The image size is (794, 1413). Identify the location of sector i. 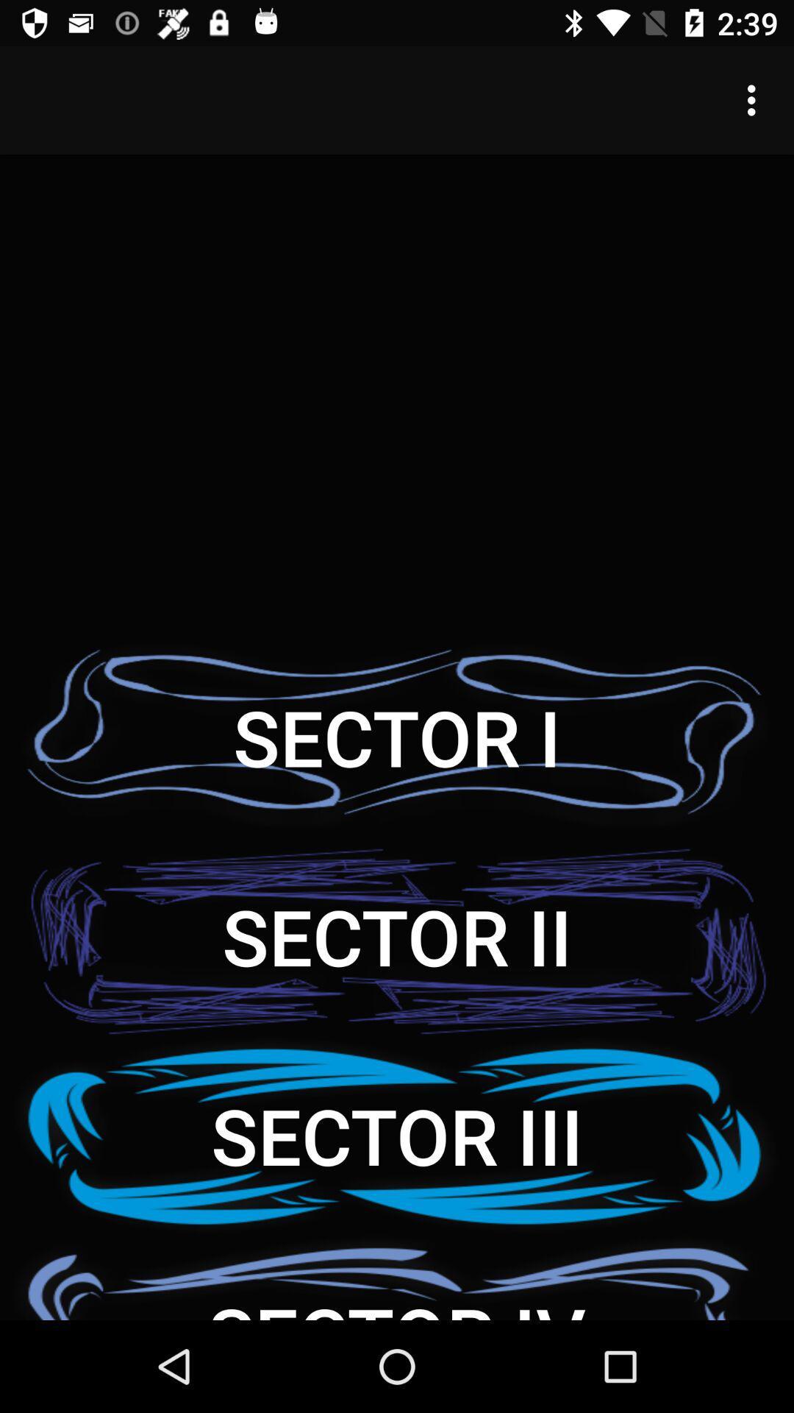
(397, 737).